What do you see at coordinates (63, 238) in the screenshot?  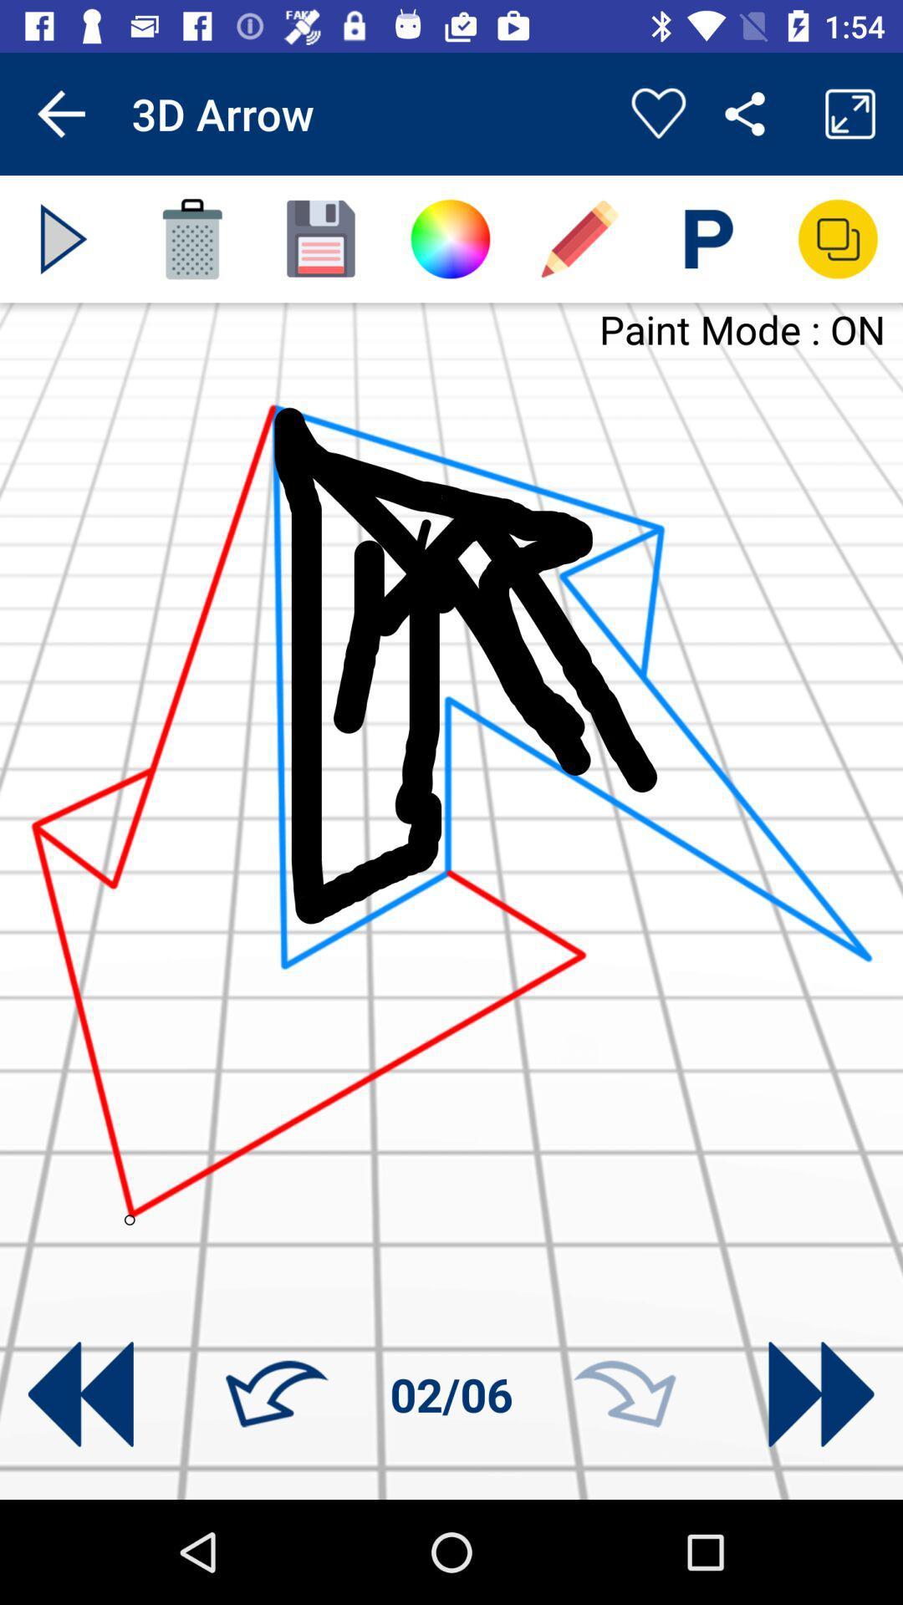 I see `advance` at bounding box center [63, 238].